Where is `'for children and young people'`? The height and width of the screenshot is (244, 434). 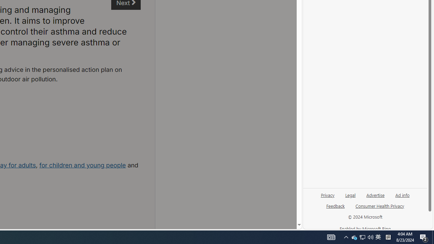 'for children and young people' is located at coordinates (82, 165).